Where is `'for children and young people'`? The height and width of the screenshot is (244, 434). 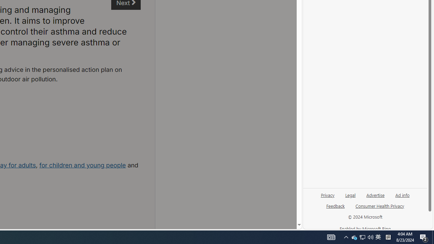 'for children and young people' is located at coordinates (82, 165).